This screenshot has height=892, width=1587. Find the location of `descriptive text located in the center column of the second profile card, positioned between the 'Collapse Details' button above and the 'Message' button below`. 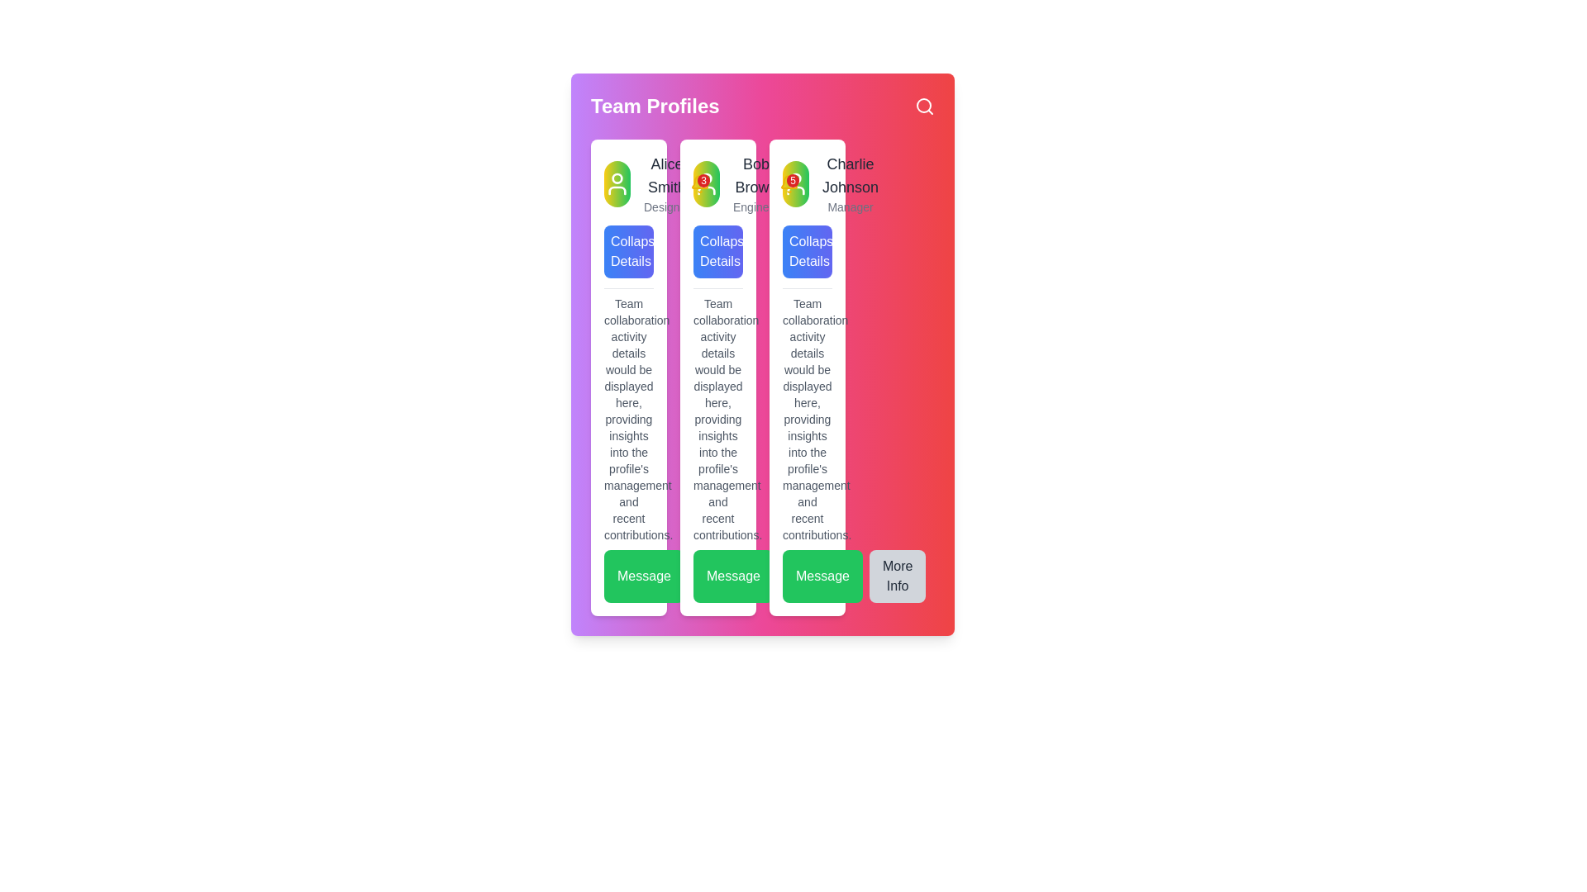

descriptive text located in the center column of the second profile card, positioned between the 'Collapse Details' button above and the 'Message' button below is located at coordinates (717, 419).